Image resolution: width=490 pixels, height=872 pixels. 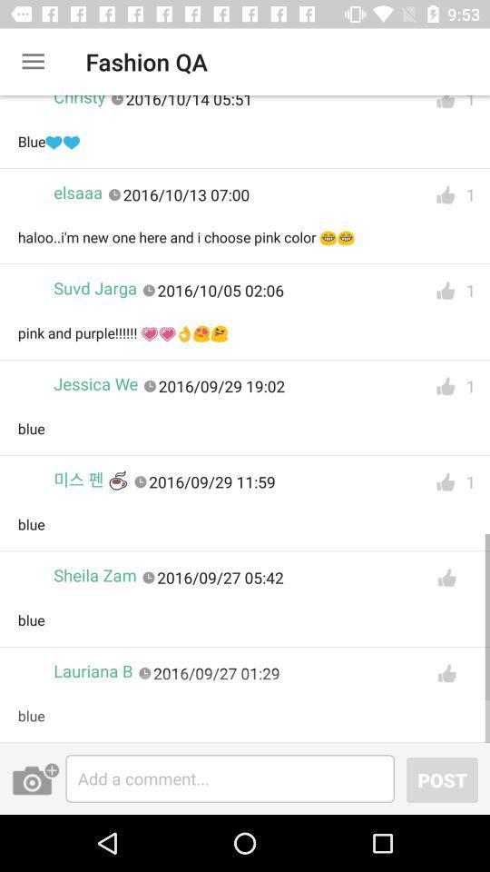 What do you see at coordinates (95, 288) in the screenshot?
I see `suvd jarga item` at bounding box center [95, 288].